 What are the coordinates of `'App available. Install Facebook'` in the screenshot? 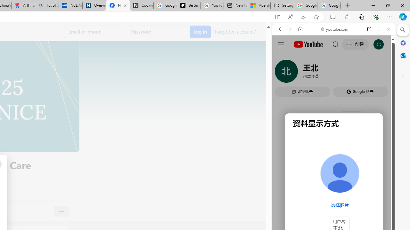 It's located at (278, 17).